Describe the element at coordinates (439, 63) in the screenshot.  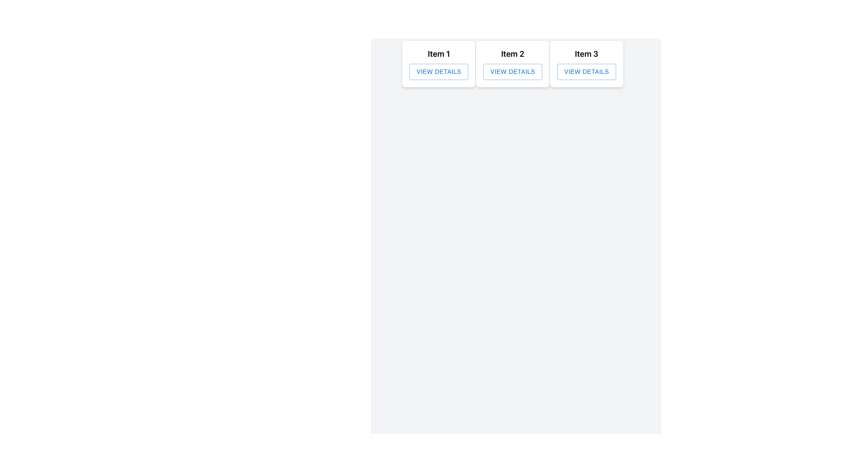
I see `the interactive card titled 'Item 1' with a blue-bordered button labeled 'VIEW DETAILS' positioned at the far left of the grid layout` at that location.